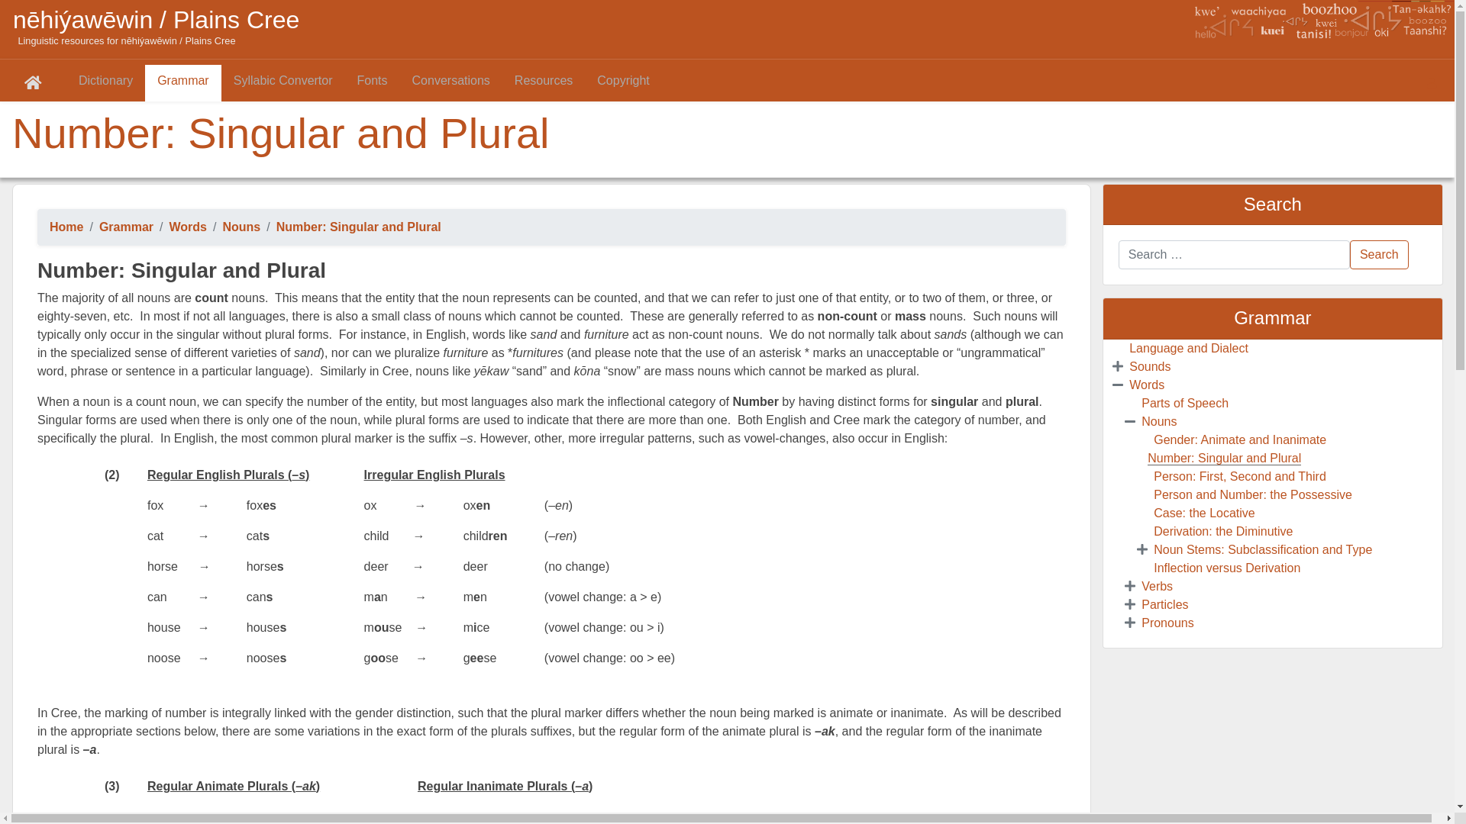  I want to click on 'Sounds', so click(1150, 366).